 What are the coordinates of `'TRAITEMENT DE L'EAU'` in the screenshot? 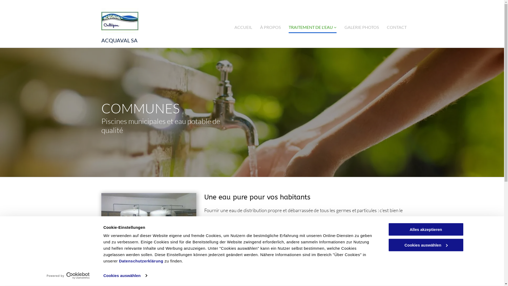 It's located at (288, 27).